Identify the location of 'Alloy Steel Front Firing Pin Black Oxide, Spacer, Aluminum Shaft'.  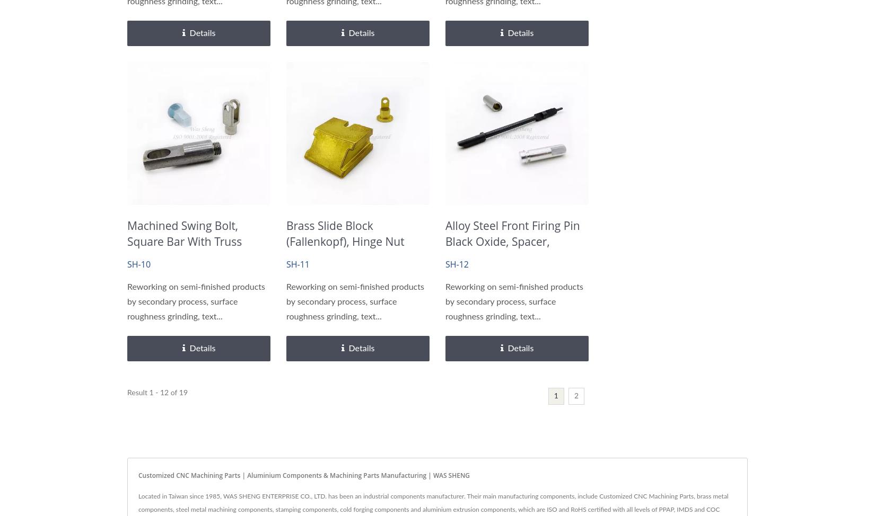
(512, 241).